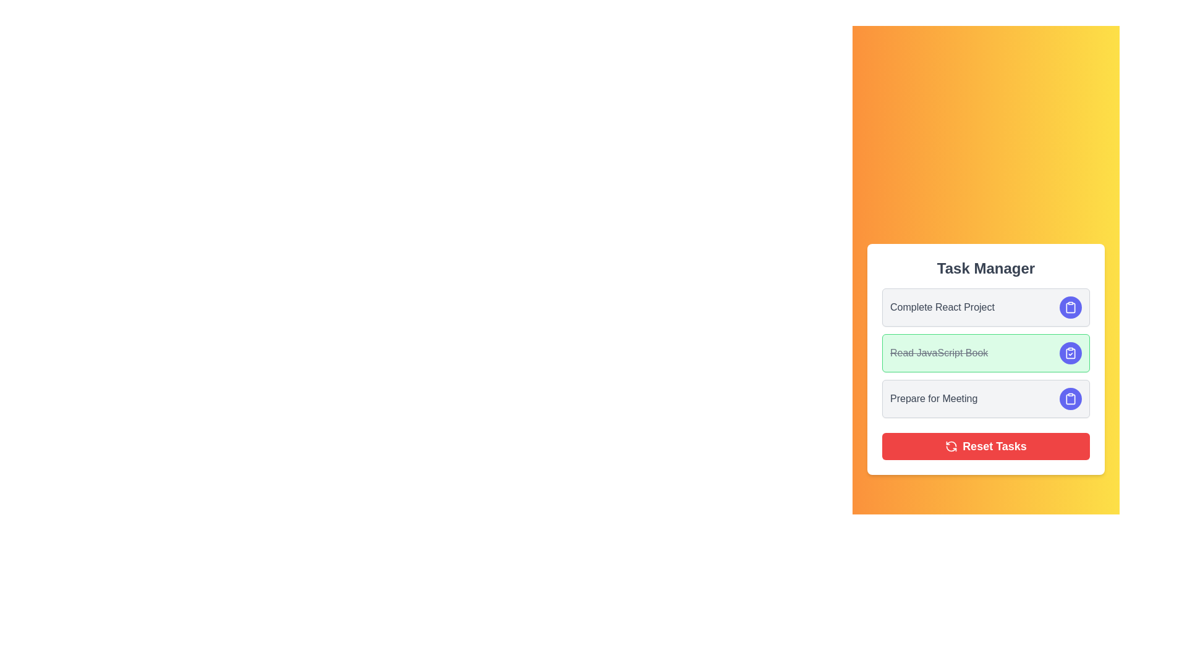 The image size is (1187, 667). Describe the element at coordinates (934, 398) in the screenshot. I see `the Text label displaying a task title, located in a rounded card beneath 'Read JavaScript Book' and above the 'Reset Tasks' button` at that location.